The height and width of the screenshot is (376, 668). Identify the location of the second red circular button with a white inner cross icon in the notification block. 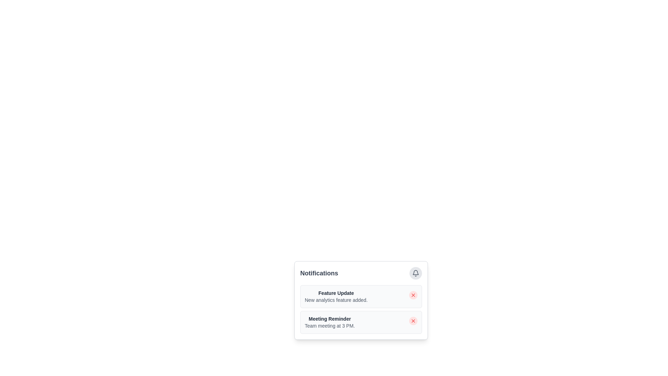
(413, 321).